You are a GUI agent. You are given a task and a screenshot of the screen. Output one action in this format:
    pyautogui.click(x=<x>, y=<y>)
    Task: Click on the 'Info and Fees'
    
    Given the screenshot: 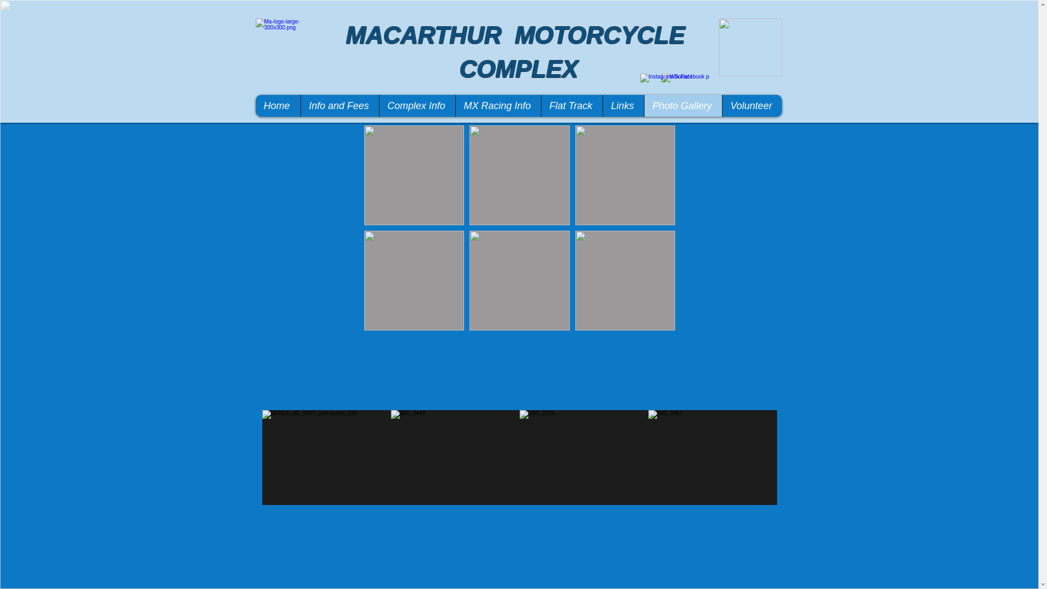 What is the action you would take?
    pyautogui.click(x=339, y=105)
    